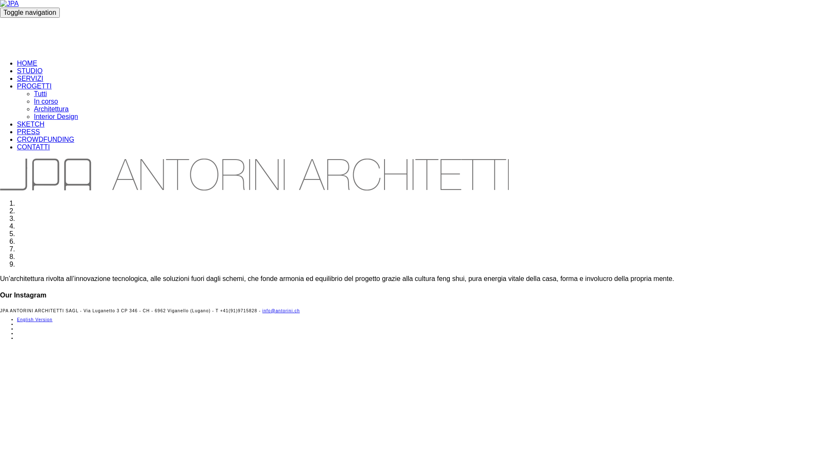 The height and width of the screenshot is (457, 814). I want to click on 'STUDIO', so click(30, 70).